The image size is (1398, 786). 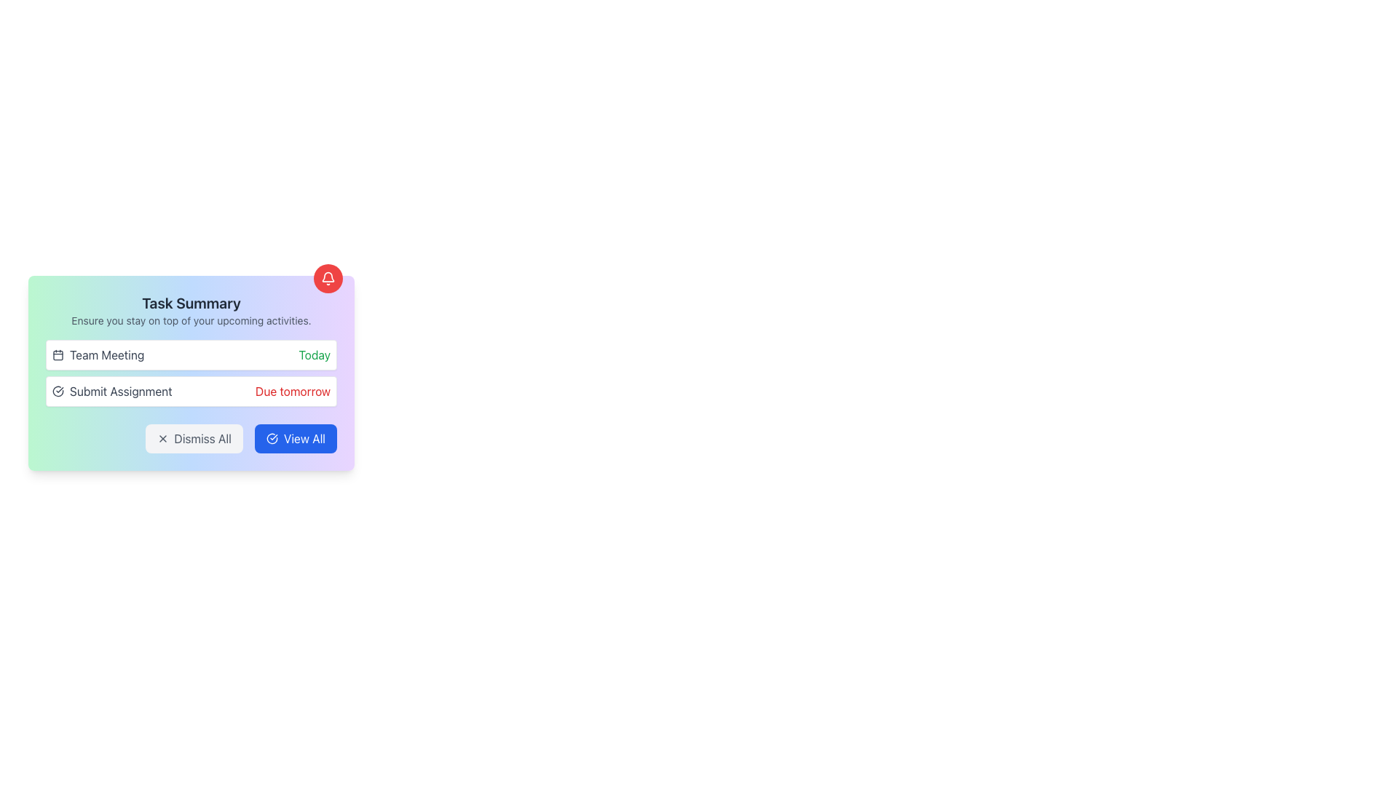 What do you see at coordinates (98, 355) in the screenshot?
I see `the Text Label that displays the scheduled activity context, located inside the 'Task Summary' box, to the left of the 'Today' label` at bounding box center [98, 355].